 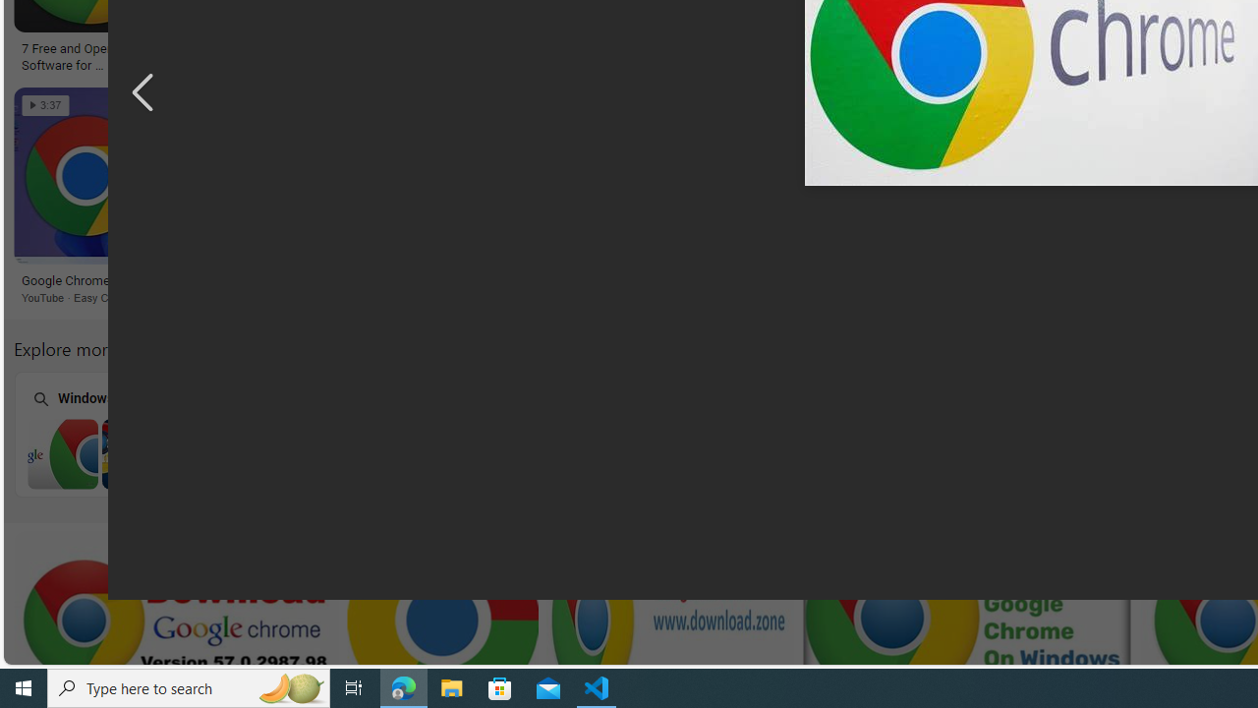 I want to click on '3:37', so click(x=45, y=105).